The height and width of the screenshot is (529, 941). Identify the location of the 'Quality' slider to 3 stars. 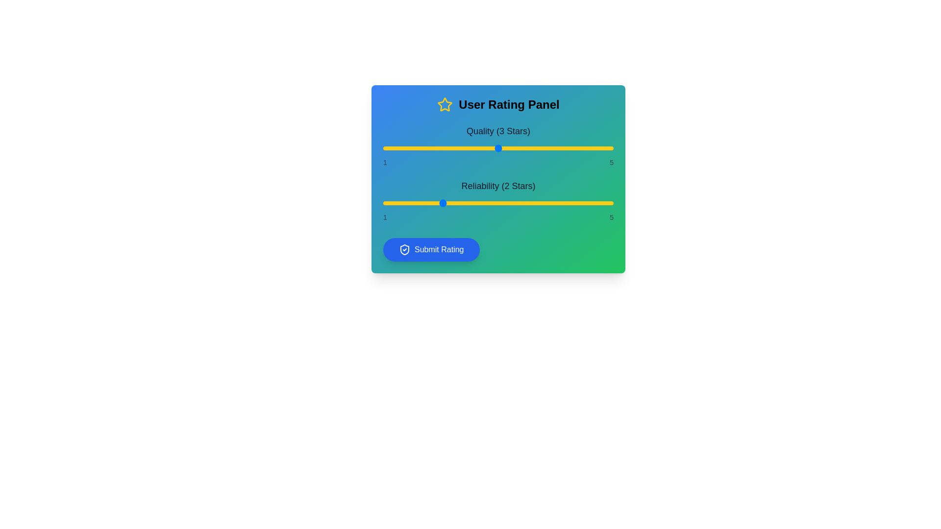
(498, 148).